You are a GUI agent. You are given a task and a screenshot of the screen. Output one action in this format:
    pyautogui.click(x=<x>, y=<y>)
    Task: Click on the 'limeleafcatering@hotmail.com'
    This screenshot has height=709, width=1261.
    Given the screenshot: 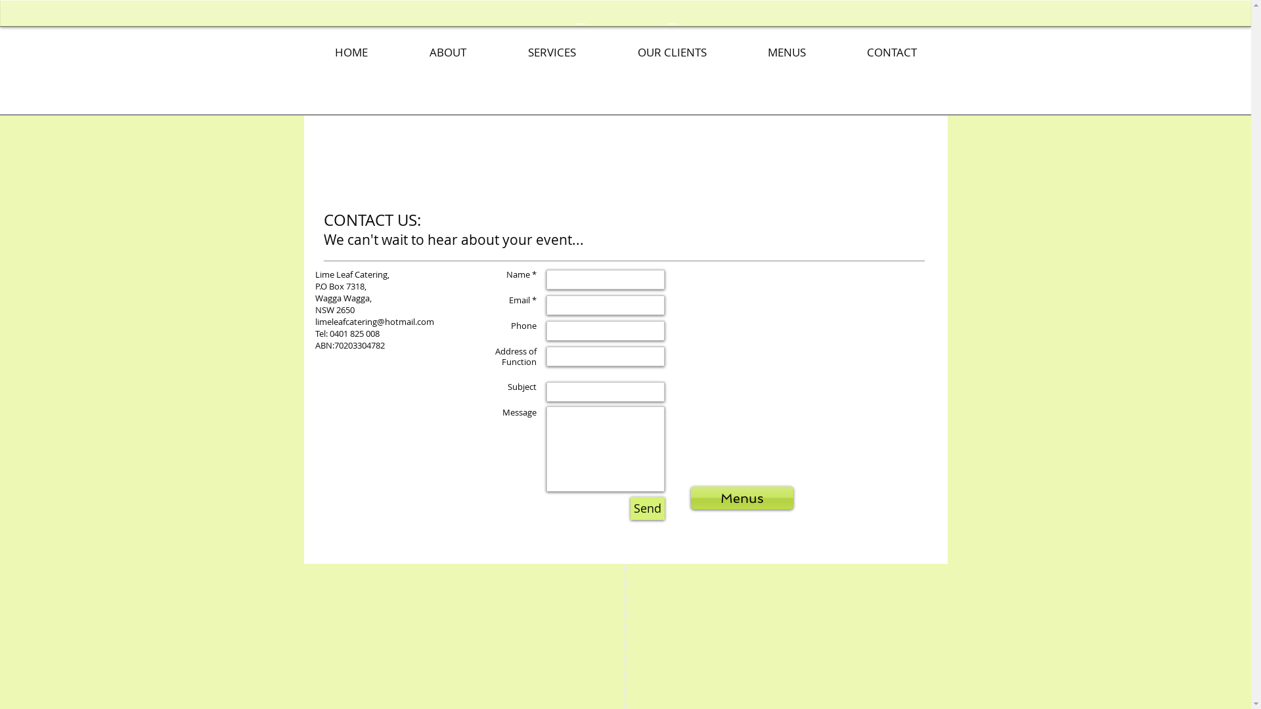 What is the action you would take?
    pyautogui.click(x=374, y=321)
    